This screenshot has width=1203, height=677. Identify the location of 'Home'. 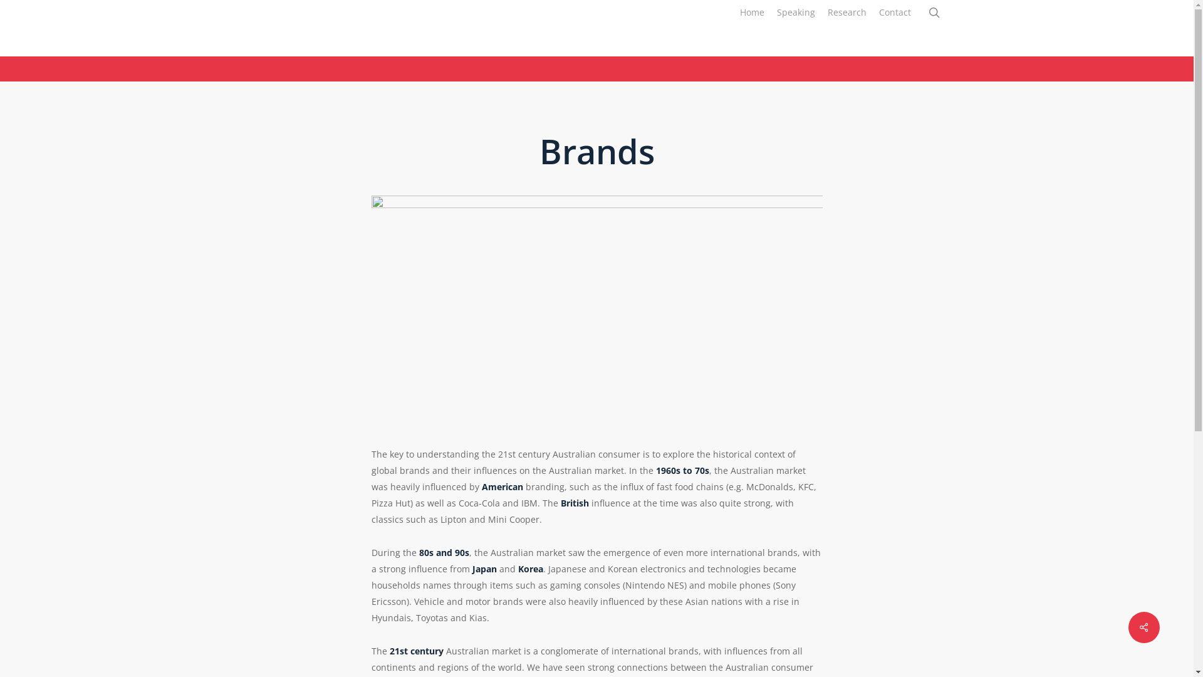
(751, 12).